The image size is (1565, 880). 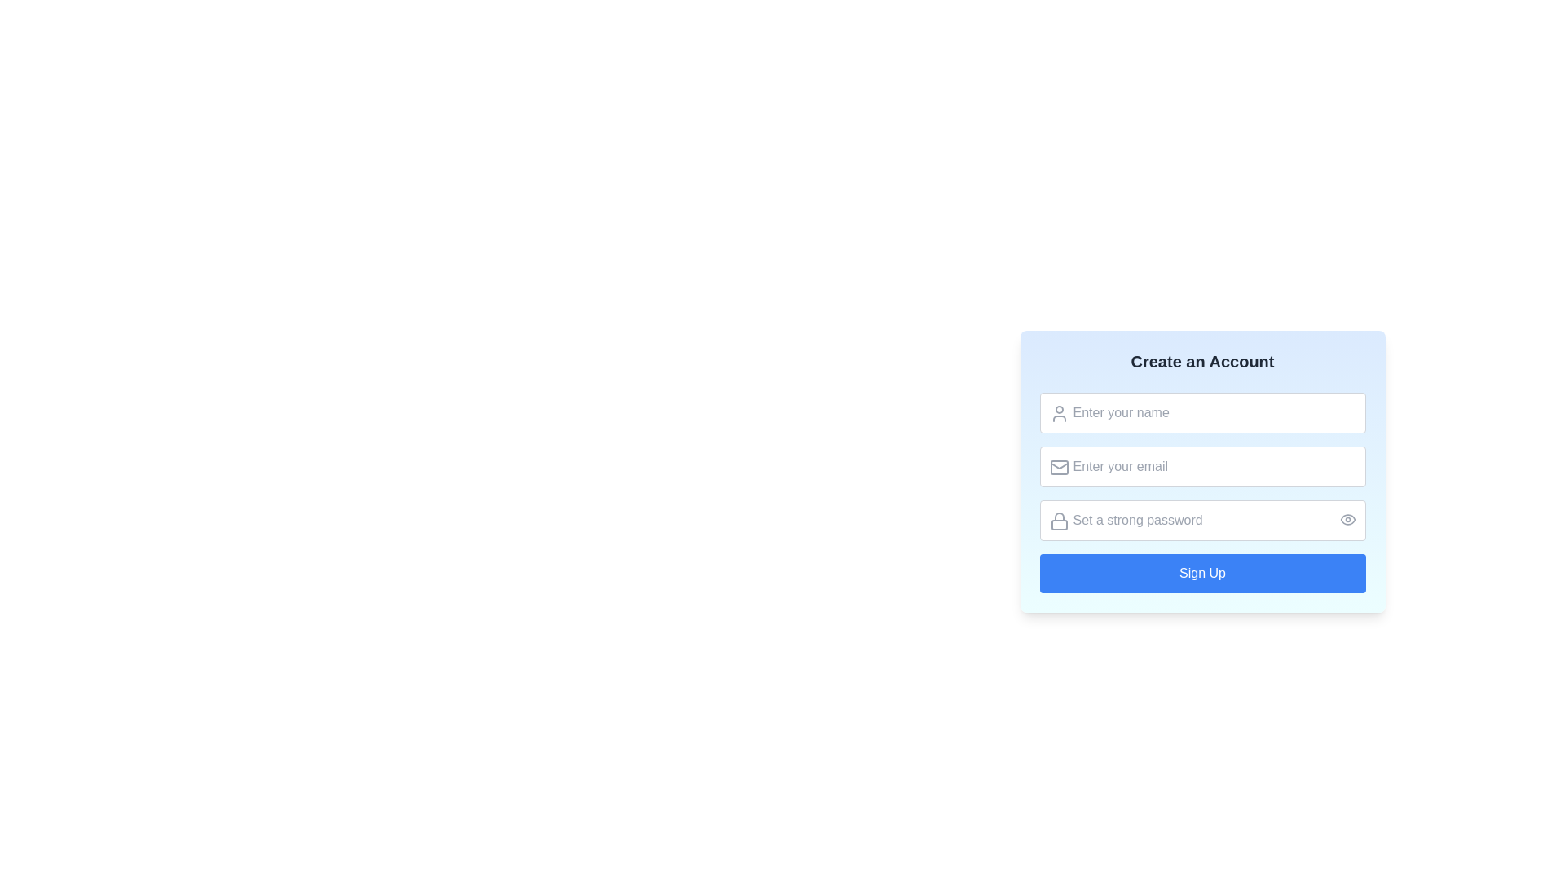 What do you see at coordinates (1059, 521) in the screenshot?
I see `the gray lock icon, which is an outline of a padlock located to the left side of the password input field` at bounding box center [1059, 521].